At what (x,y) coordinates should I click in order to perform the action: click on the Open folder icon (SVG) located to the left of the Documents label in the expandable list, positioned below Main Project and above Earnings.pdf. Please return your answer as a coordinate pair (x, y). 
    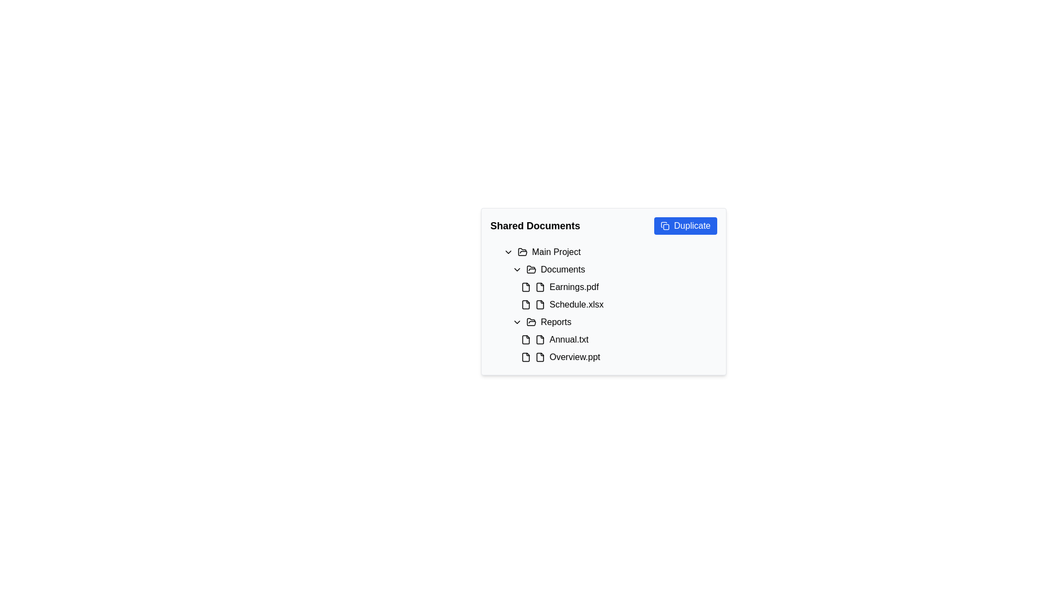
    Looking at the image, I should click on (531, 270).